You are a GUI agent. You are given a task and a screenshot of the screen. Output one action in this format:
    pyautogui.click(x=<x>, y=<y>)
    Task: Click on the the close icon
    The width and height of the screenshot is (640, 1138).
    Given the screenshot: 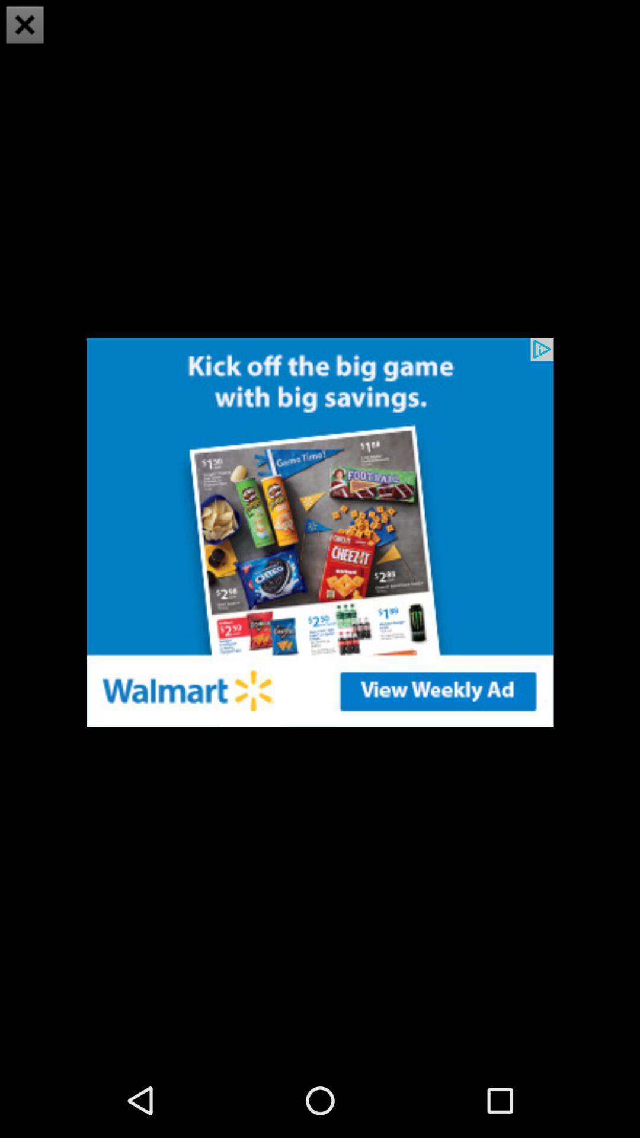 What is the action you would take?
    pyautogui.click(x=25, y=26)
    